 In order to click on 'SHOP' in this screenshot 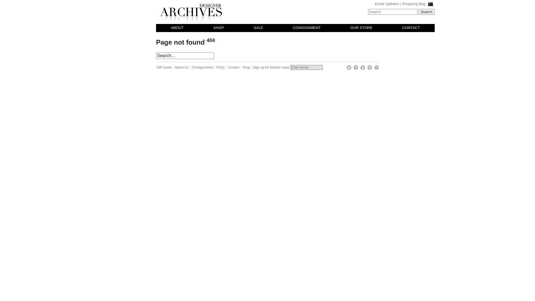, I will do `click(218, 28)`.